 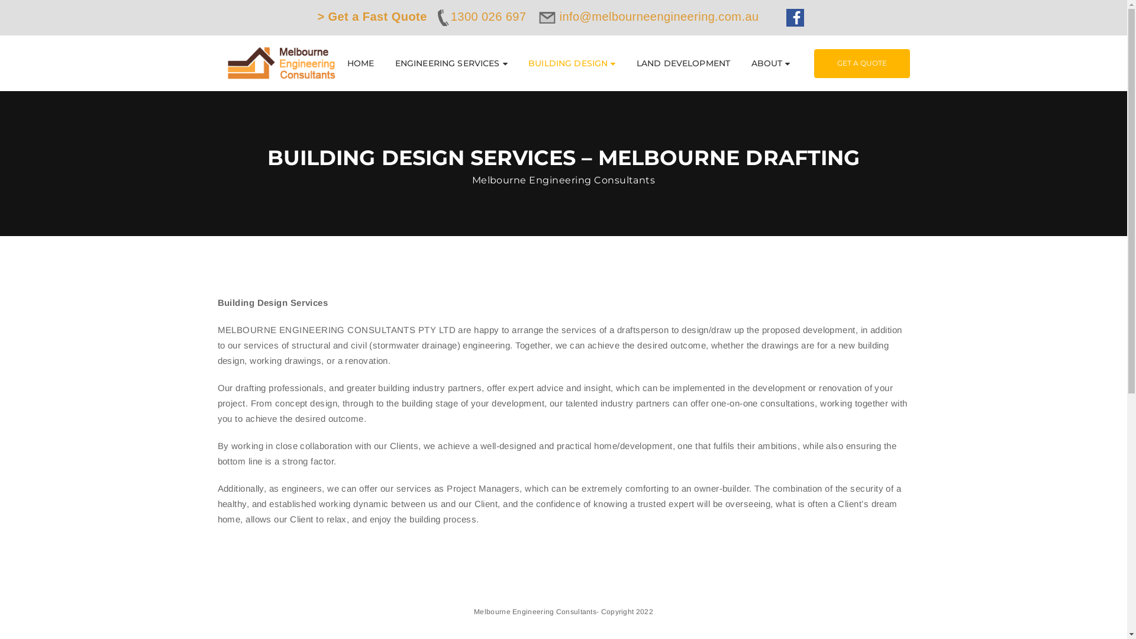 What do you see at coordinates (862, 63) in the screenshot?
I see `'GET A QUOTE'` at bounding box center [862, 63].